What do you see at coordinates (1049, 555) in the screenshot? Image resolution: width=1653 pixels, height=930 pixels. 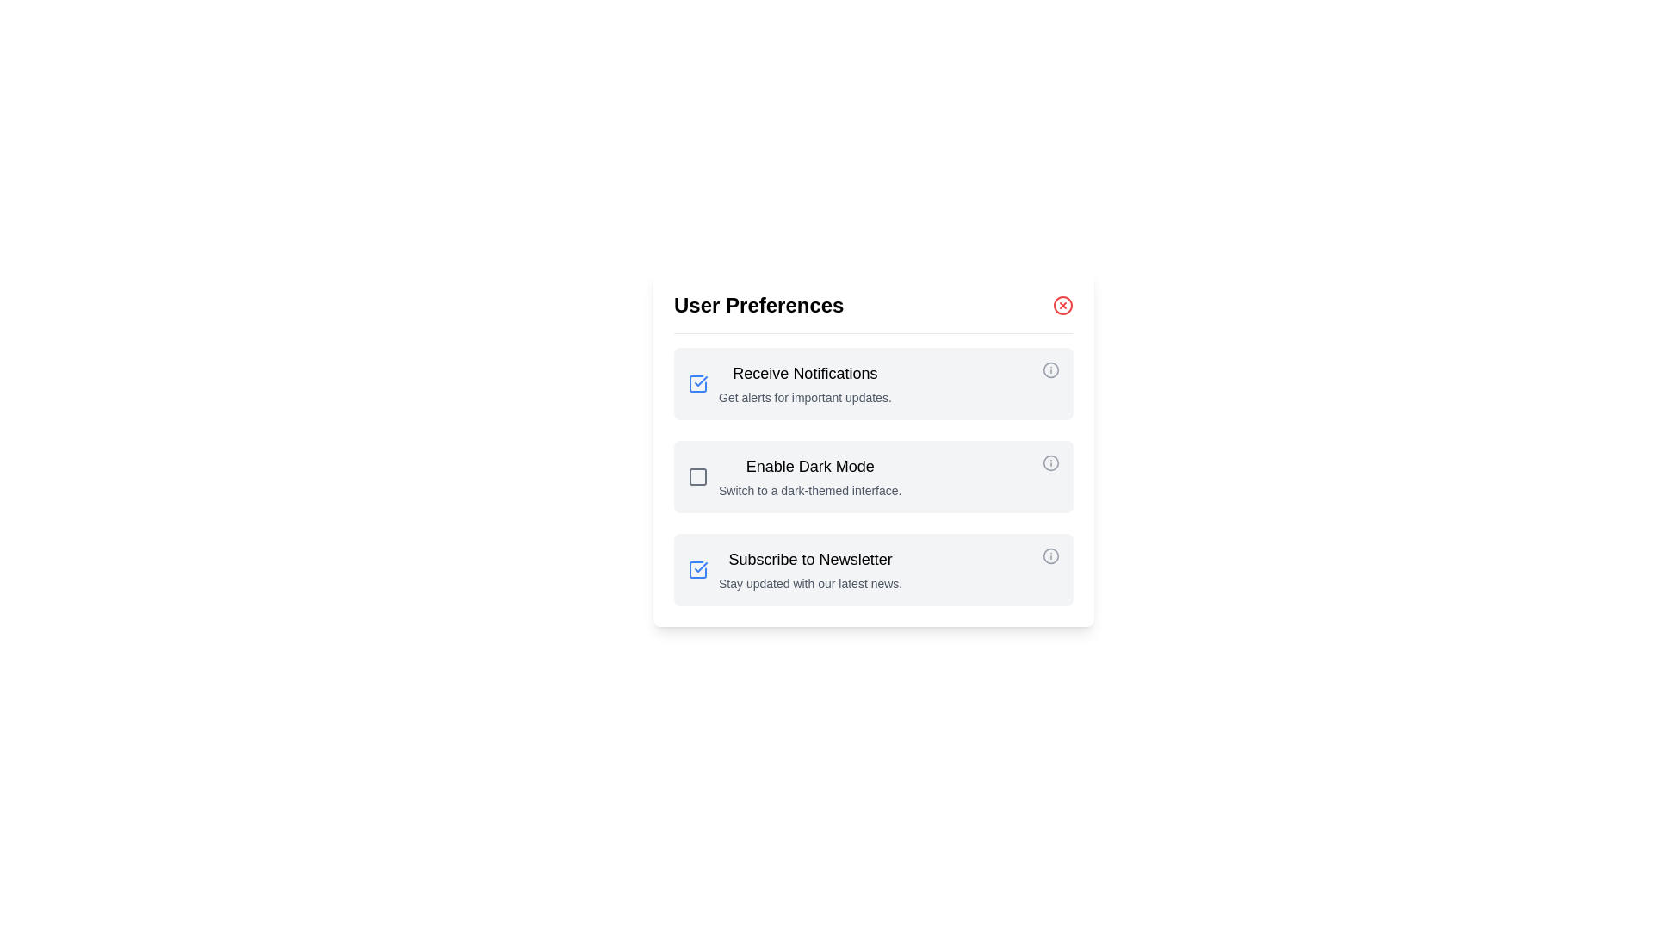 I see `the circular Informational Icon located at the rightmost side of the last row in a vertically stacked list of toggleable options, near the 'Subscribe to Newsletter' text` at bounding box center [1049, 555].